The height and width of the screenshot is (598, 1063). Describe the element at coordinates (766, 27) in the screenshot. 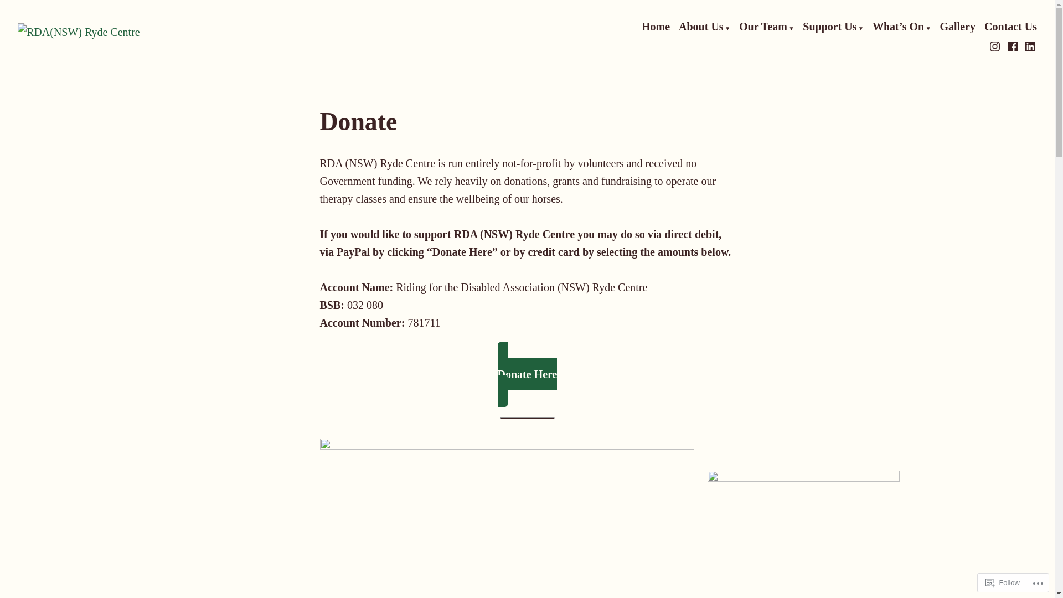

I see `'Our Team'` at that location.